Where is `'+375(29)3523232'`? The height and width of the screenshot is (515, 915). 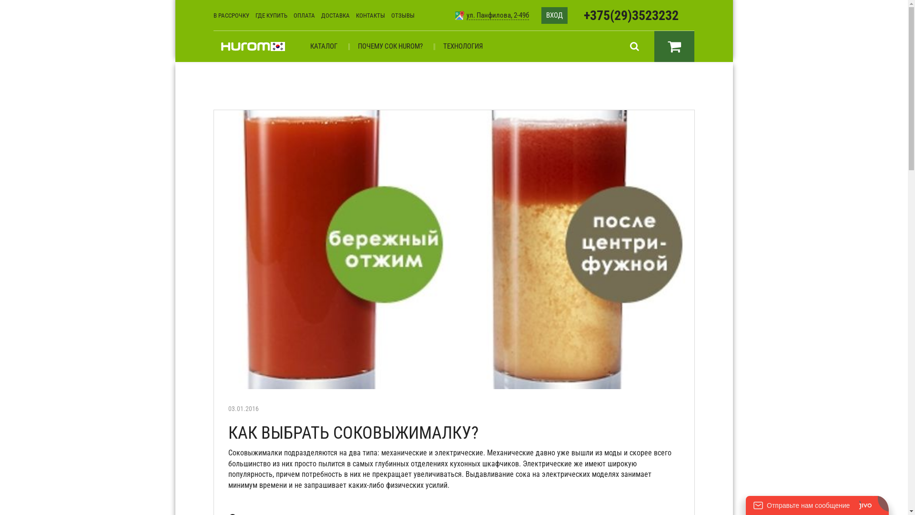 '+375(29)3523232' is located at coordinates (631, 15).